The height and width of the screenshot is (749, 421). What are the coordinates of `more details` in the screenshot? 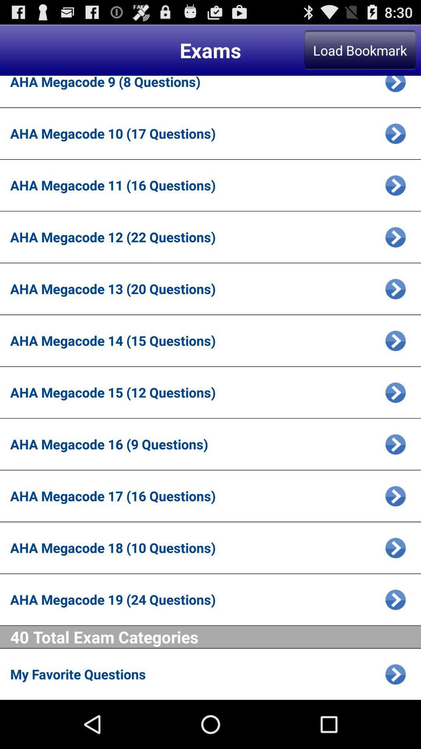 It's located at (395, 236).